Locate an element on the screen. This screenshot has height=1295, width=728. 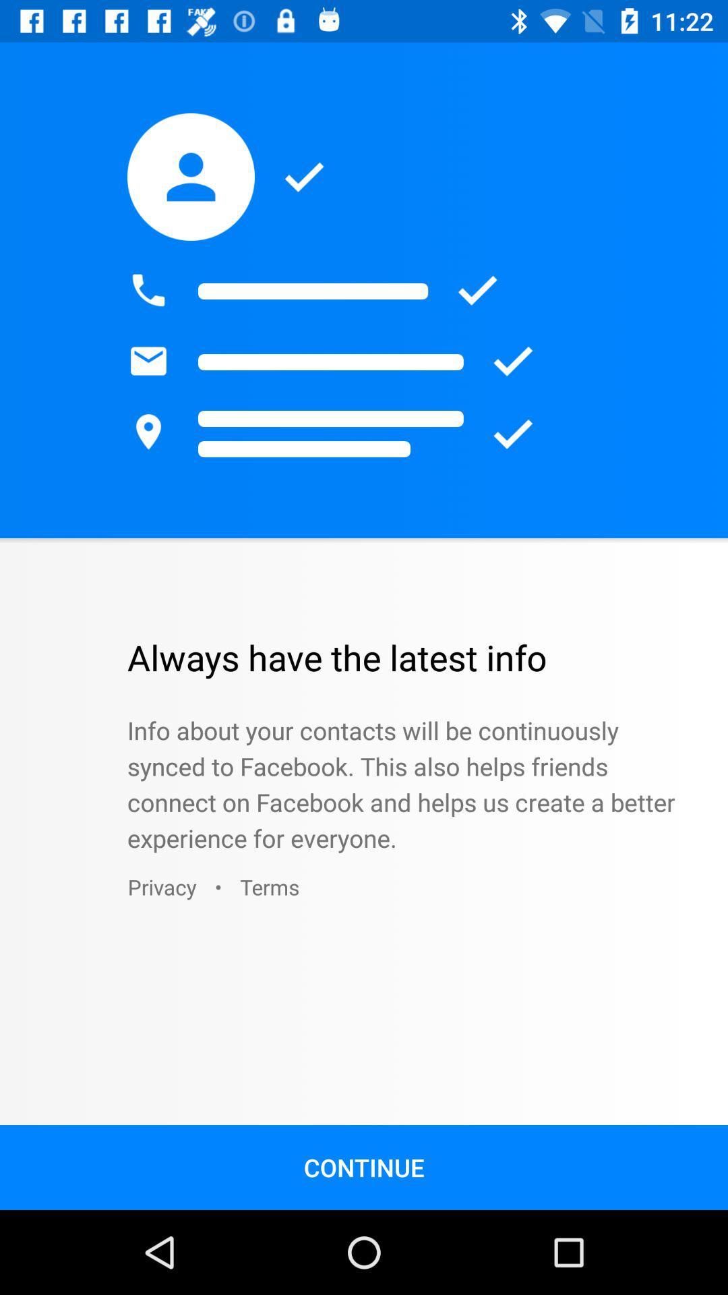
icon below the info about your is located at coordinates (270, 887).